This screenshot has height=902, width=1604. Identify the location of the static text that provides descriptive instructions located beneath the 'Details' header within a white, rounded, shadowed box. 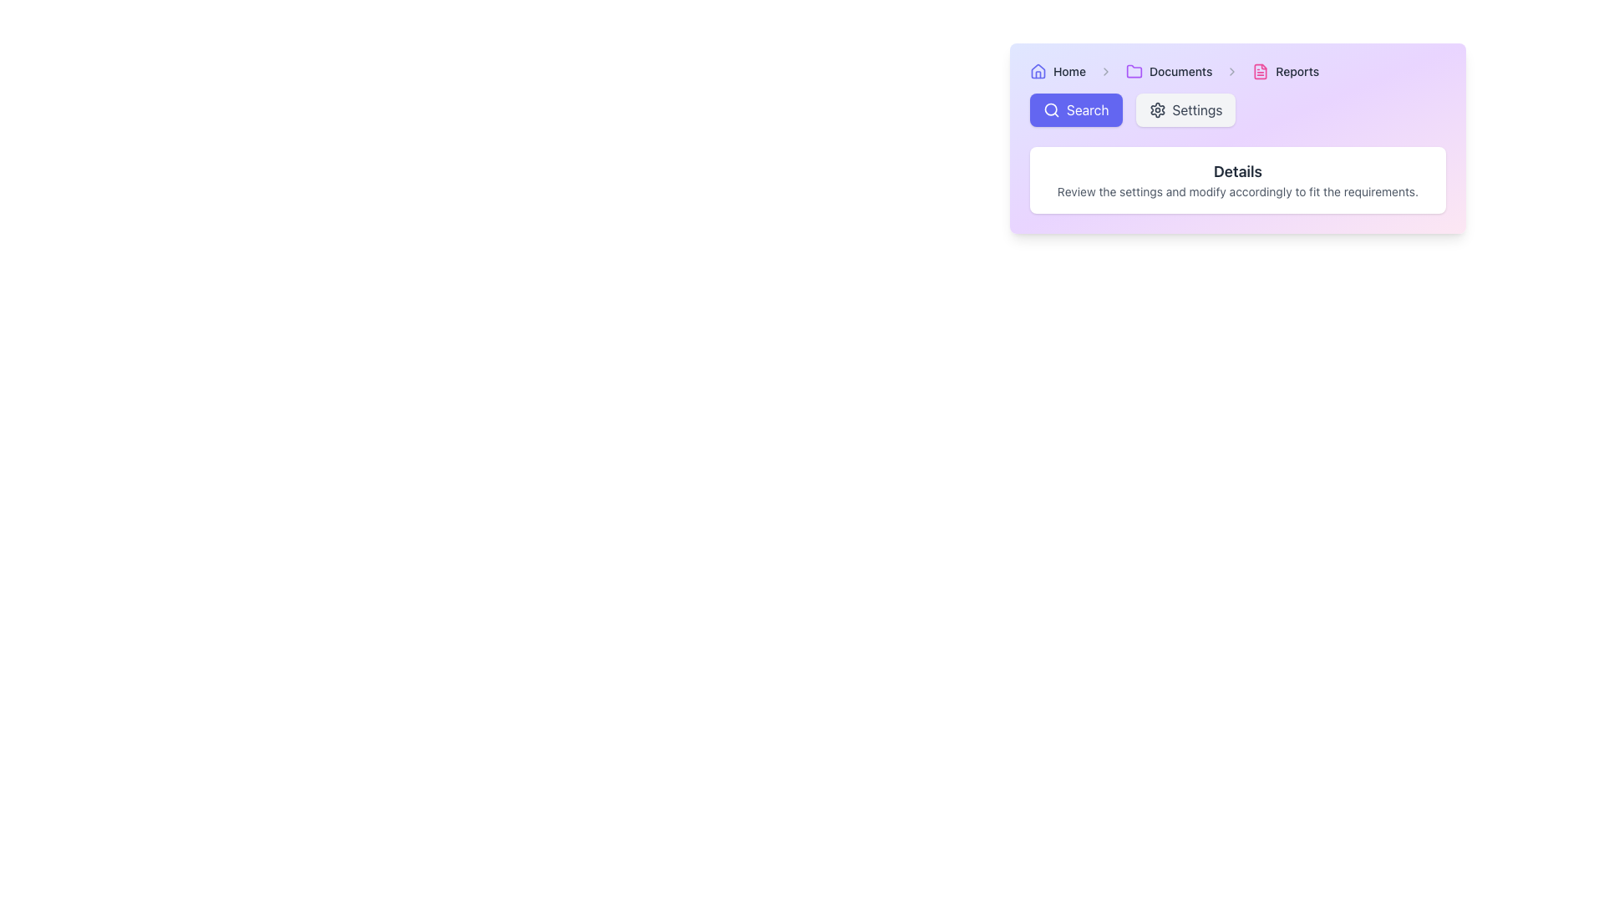
(1238, 191).